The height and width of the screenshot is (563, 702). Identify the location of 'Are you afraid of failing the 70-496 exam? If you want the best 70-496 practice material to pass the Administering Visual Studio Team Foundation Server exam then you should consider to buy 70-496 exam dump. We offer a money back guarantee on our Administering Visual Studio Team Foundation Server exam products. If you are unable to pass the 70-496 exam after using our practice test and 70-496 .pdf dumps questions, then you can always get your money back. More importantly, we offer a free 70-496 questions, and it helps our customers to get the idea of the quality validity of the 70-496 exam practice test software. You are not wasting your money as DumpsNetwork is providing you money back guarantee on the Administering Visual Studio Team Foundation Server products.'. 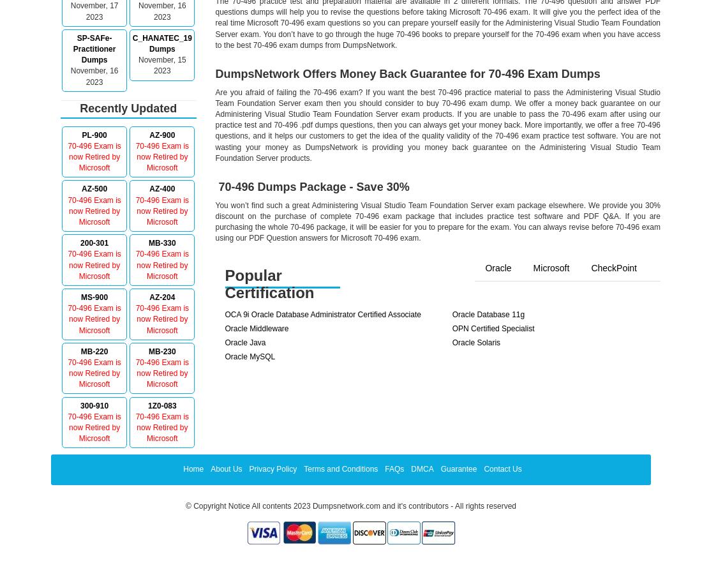
(437, 124).